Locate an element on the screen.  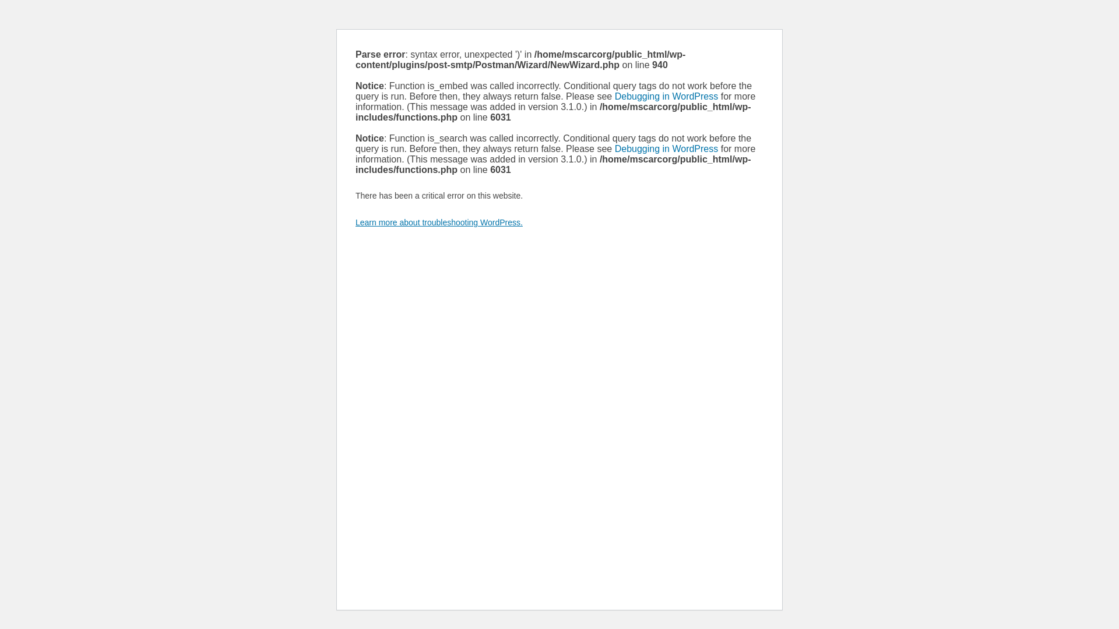
'Debugging in WordPress' is located at coordinates (666, 148).